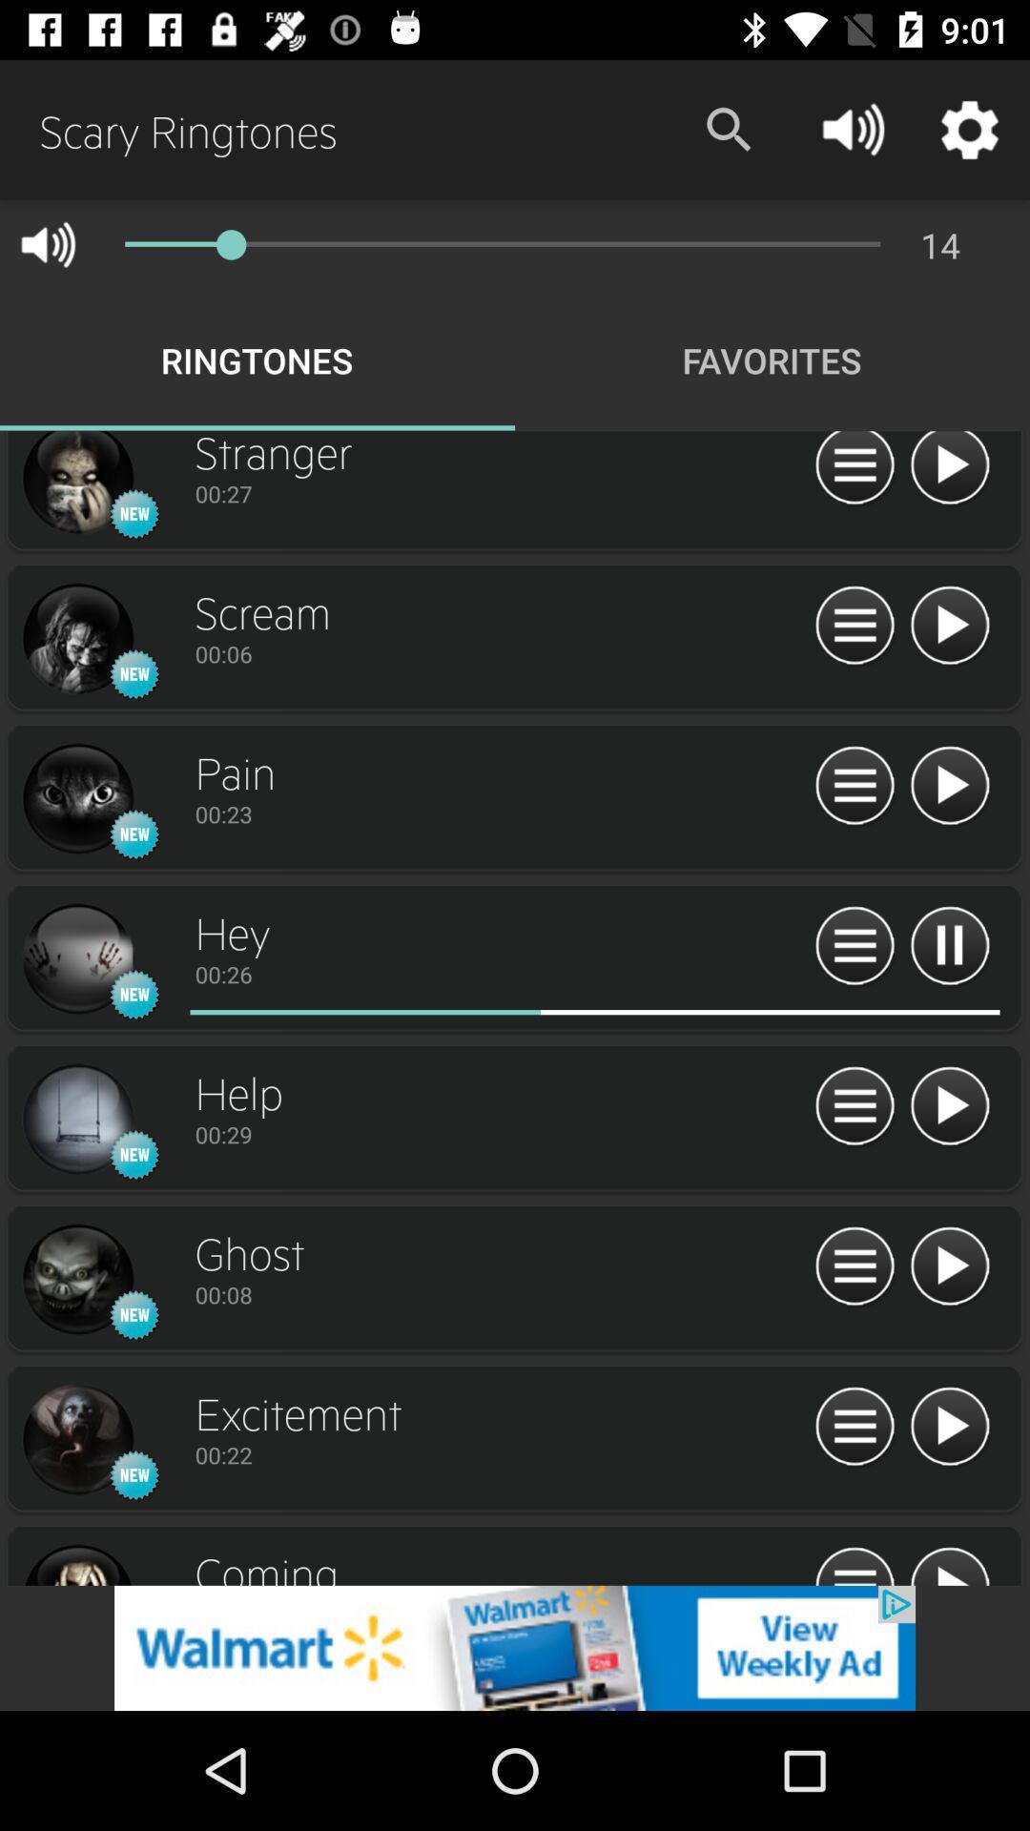  Describe the element at coordinates (949, 1564) in the screenshot. I see `play obstion` at that location.